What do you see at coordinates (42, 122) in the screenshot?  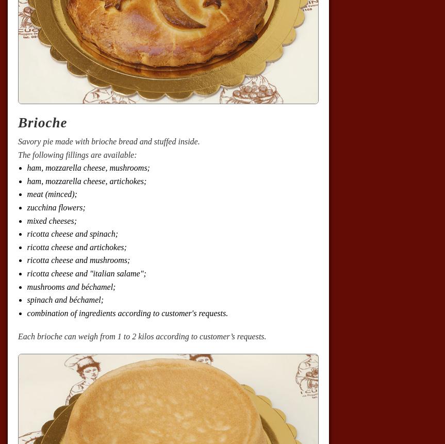 I see `'Brioche'` at bounding box center [42, 122].